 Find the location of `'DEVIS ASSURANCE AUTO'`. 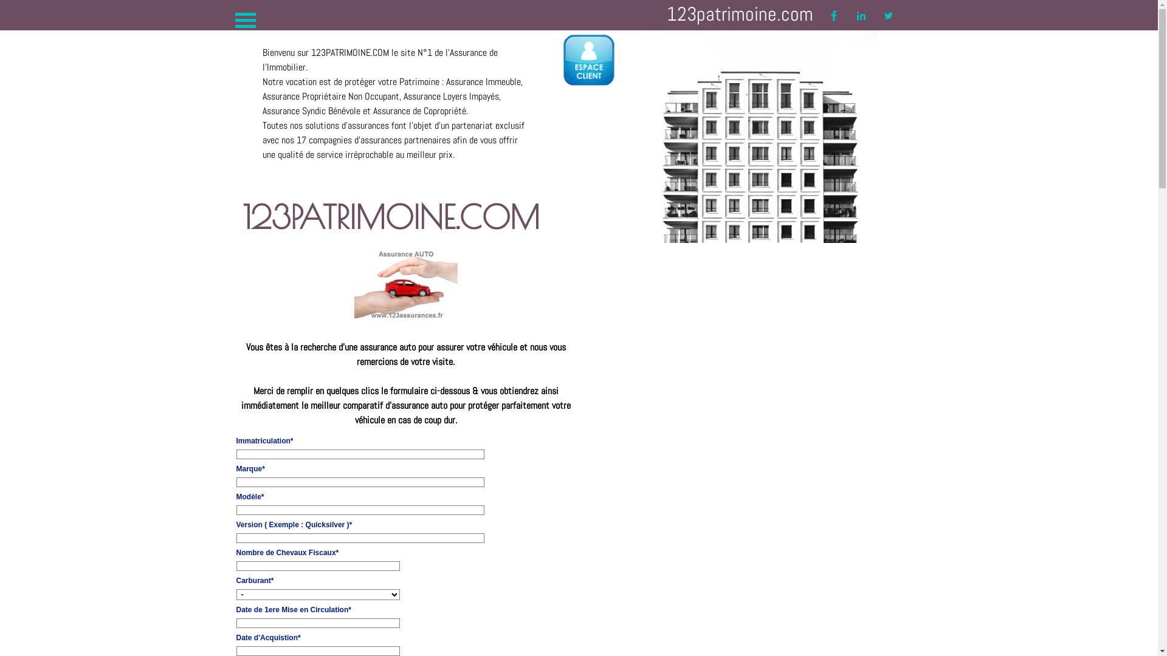

'DEVIS ASSURANCE AUTO' is located at coordinates (405, 284).